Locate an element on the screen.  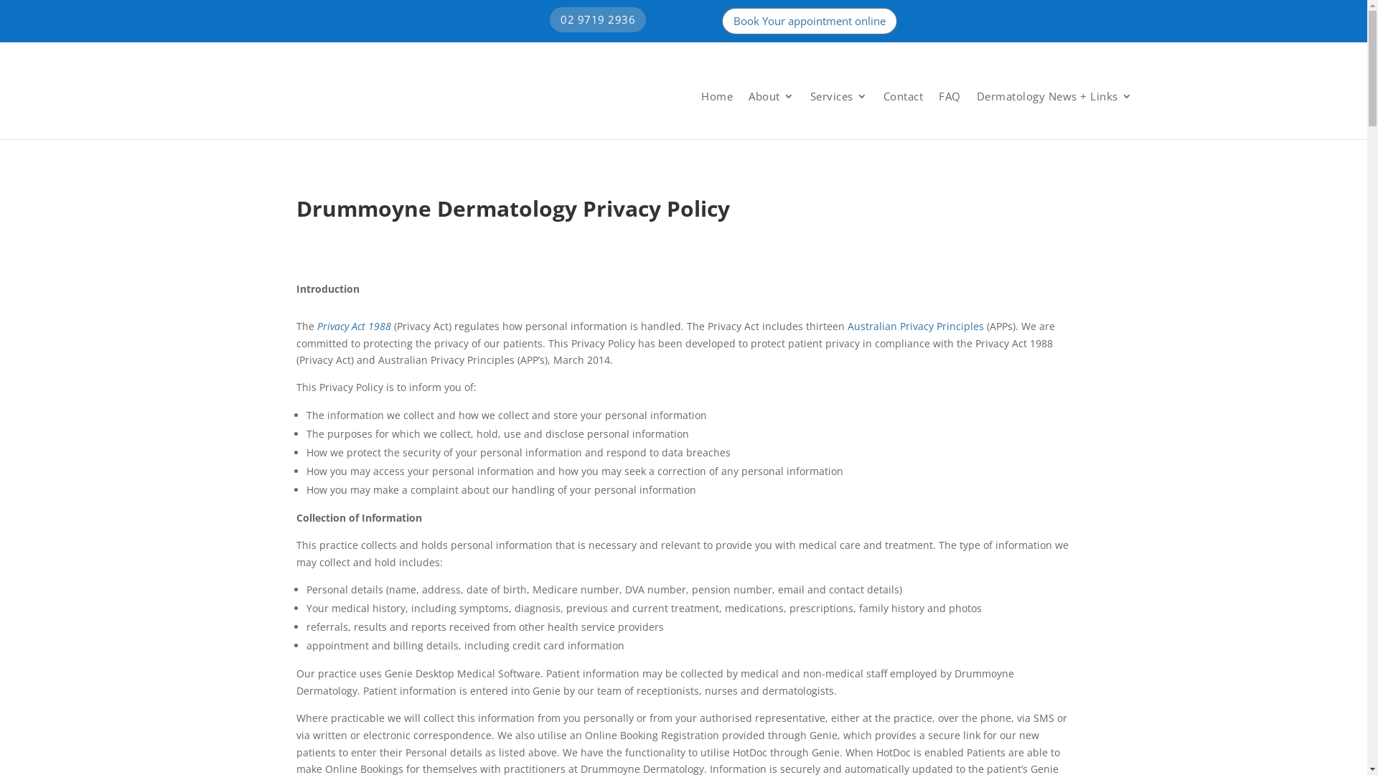
'02 9719 2936' is located at coordinates (598, 19).